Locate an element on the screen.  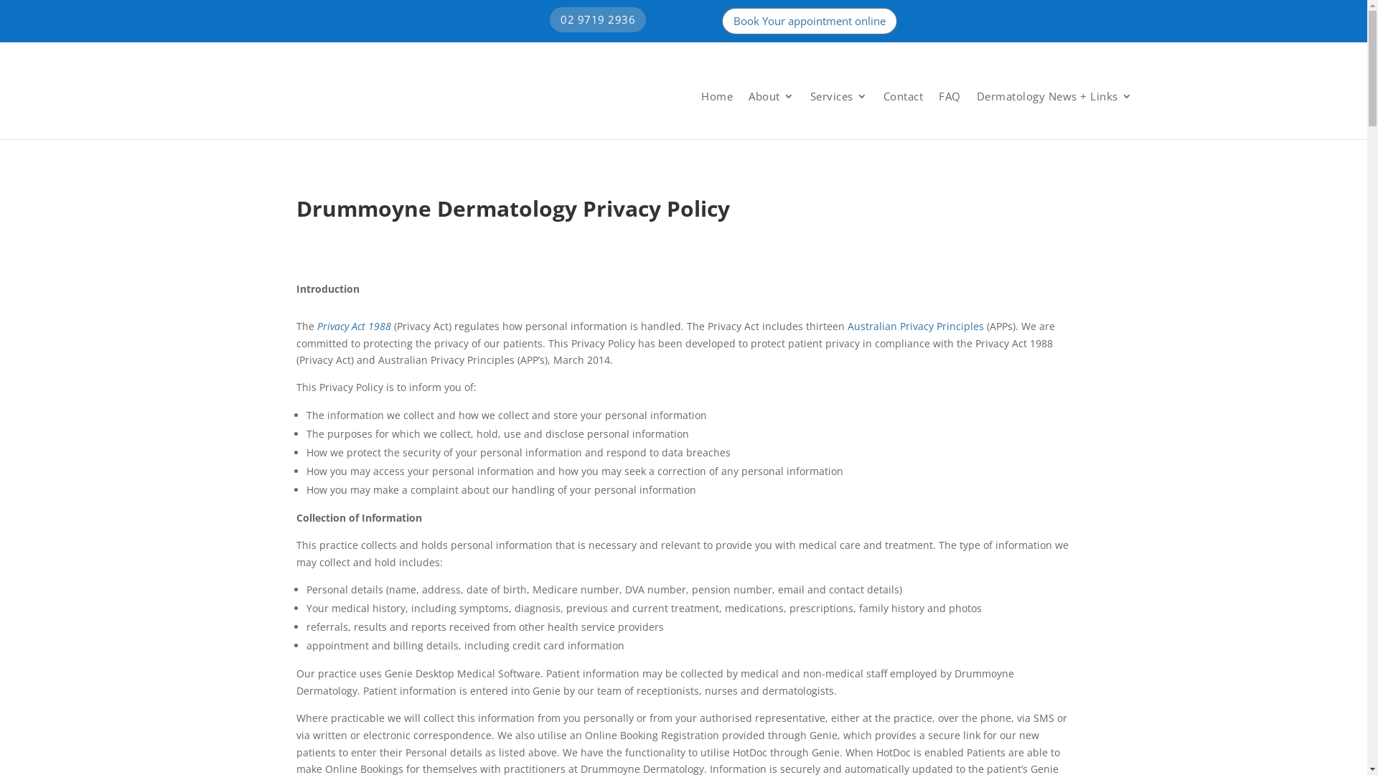
'02 9719 2936' is located at coordinates (598, 19).